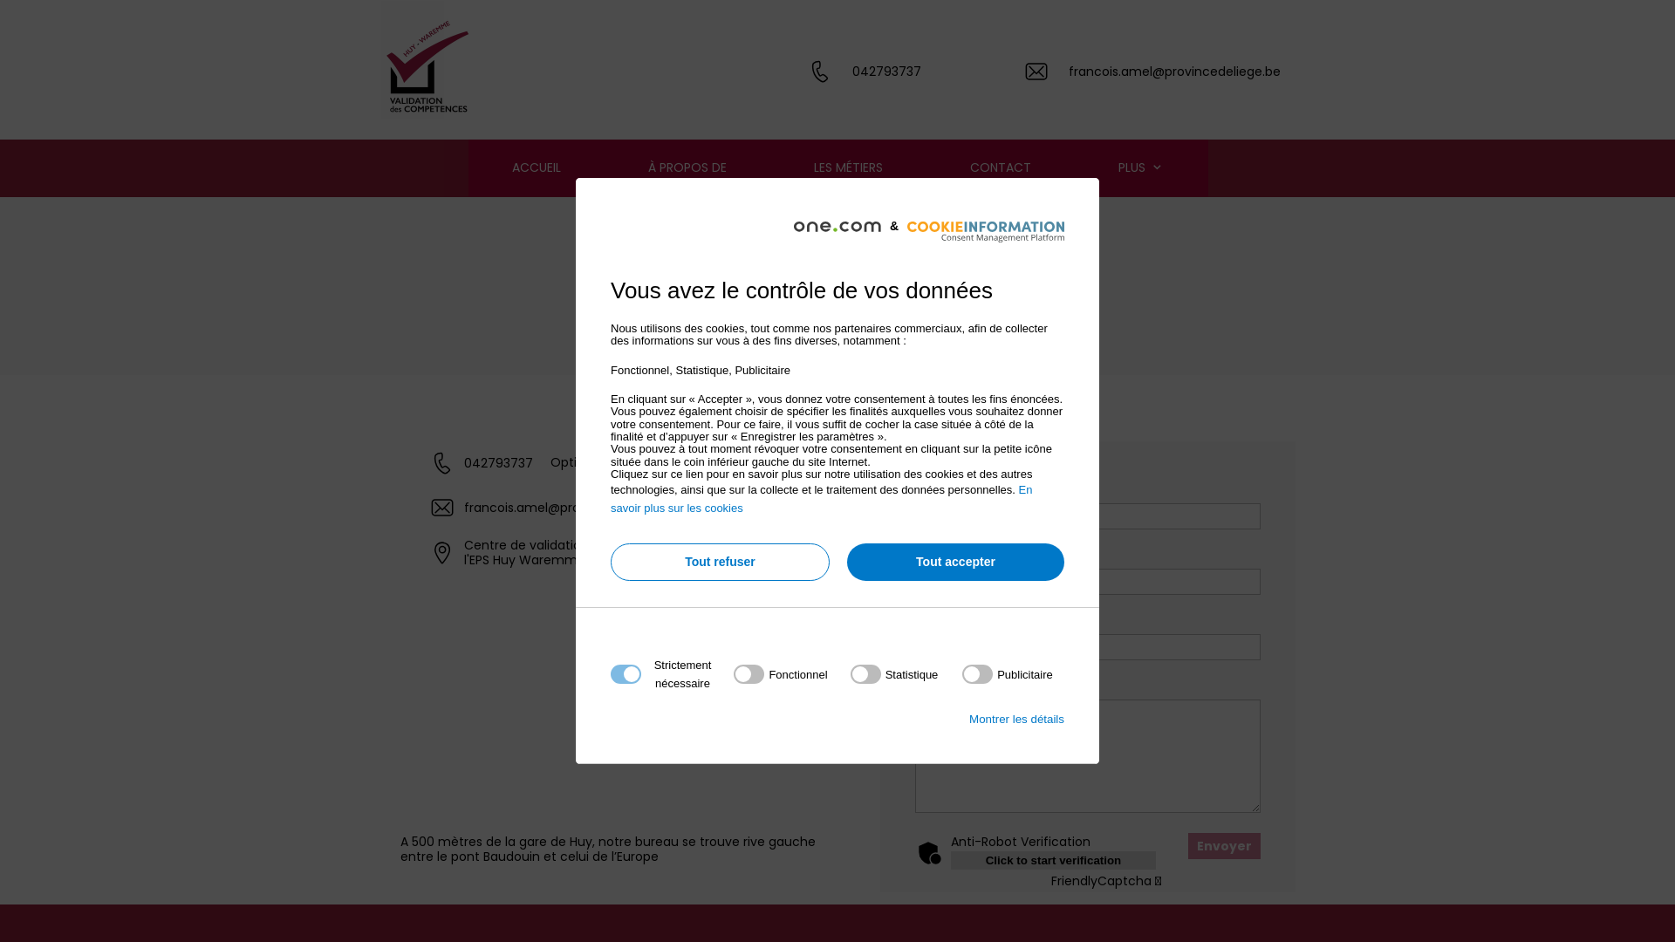 The width and height of the screenshot is (1675, 942). I want to click on 'PLUS', so click(1141, 167).